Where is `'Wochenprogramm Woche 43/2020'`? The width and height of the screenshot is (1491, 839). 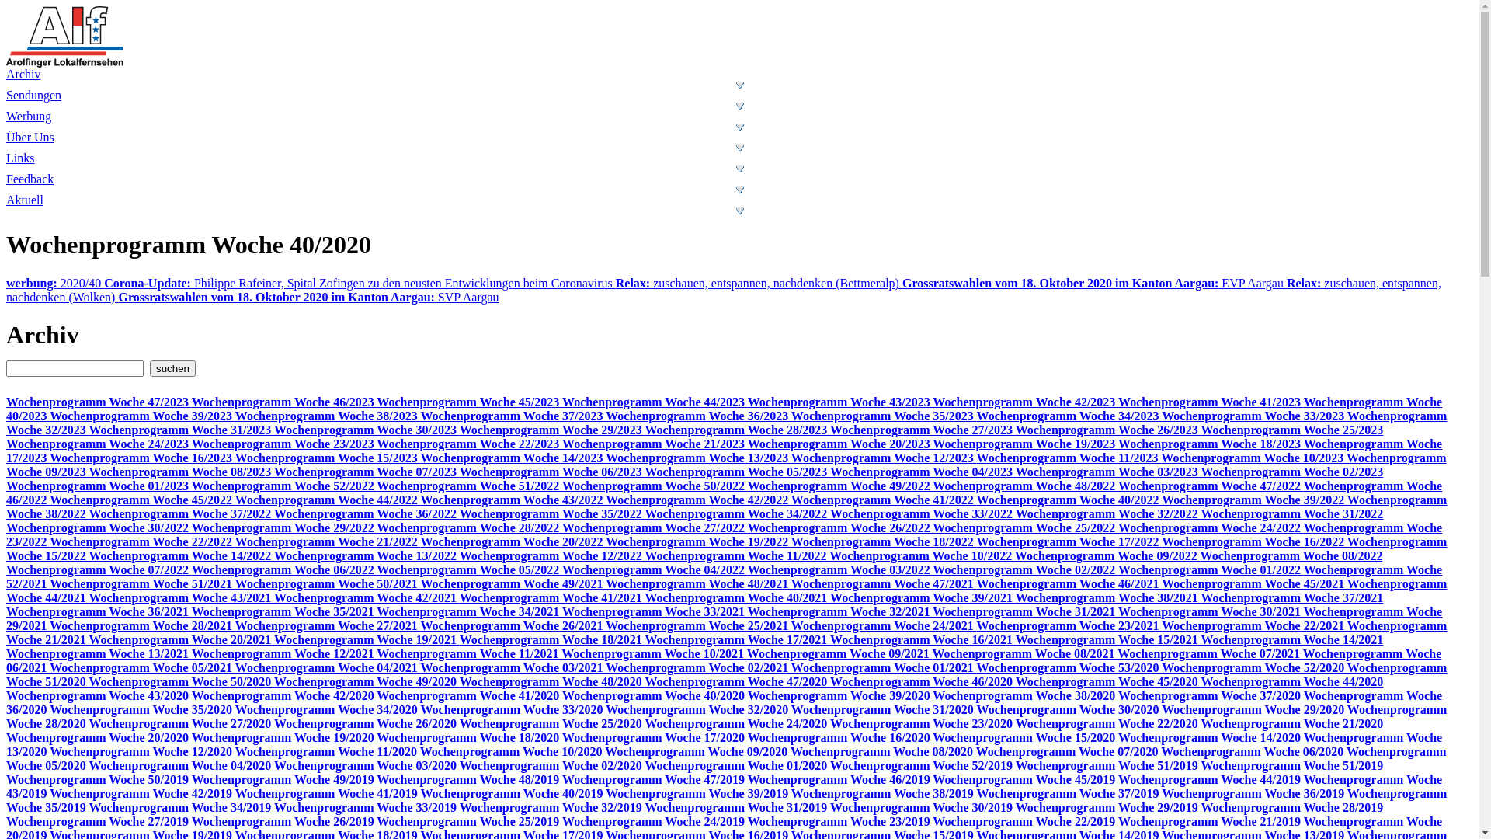 'Wochenprogramm Woche 43/2020' is located at coordinates (98, 695).